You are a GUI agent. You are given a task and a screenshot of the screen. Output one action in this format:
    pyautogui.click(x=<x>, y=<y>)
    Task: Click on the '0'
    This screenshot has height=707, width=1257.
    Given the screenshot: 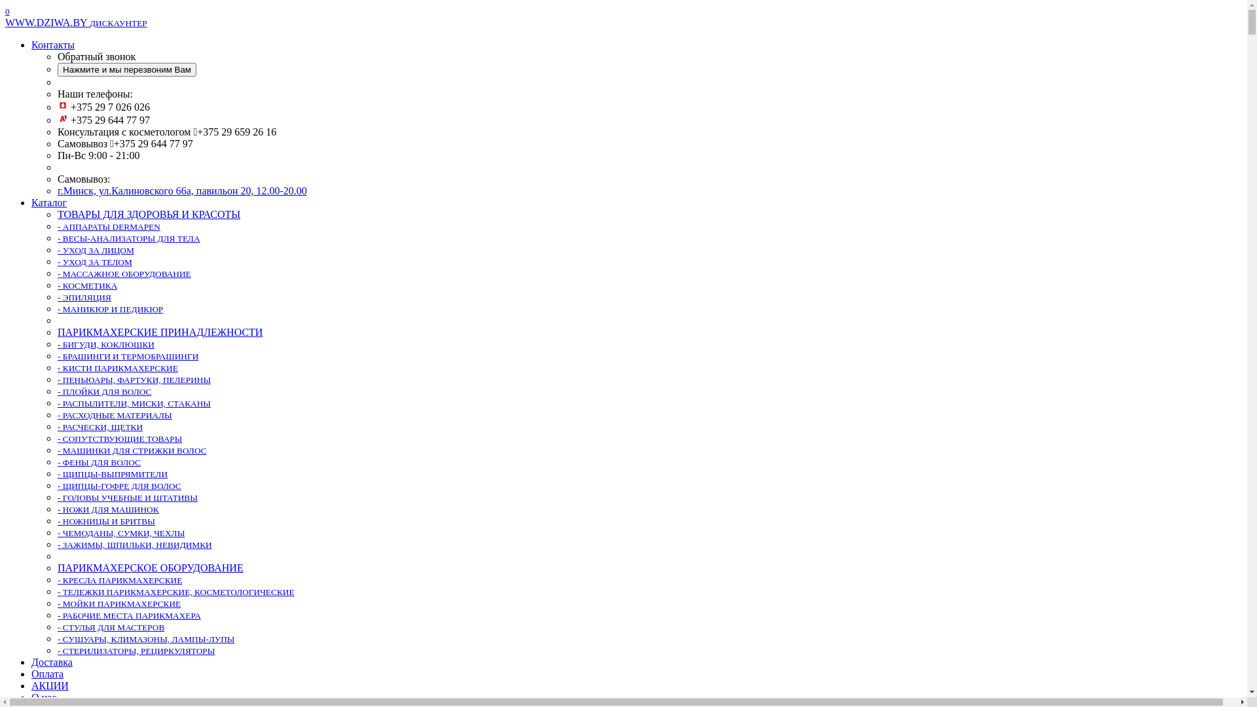 What is the action you would take?
    pyautogui.click(x=7, y=10)
    